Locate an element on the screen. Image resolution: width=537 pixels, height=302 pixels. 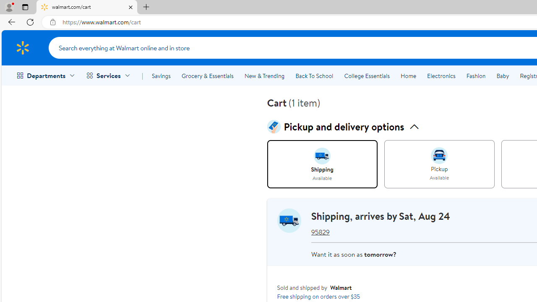
'Fashion' is located at coordinates (476, 76).